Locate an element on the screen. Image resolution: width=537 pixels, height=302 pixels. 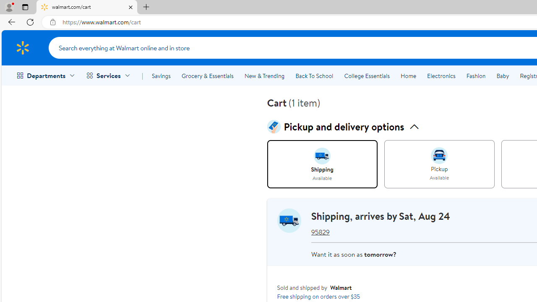
'Fashion' is located at coordinates (476, 76).